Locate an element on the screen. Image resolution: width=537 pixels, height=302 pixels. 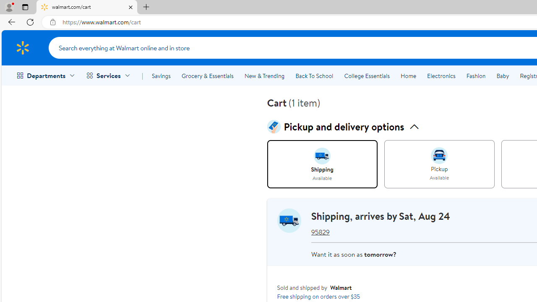
'Fashion' is located at coordinates (476, 76).